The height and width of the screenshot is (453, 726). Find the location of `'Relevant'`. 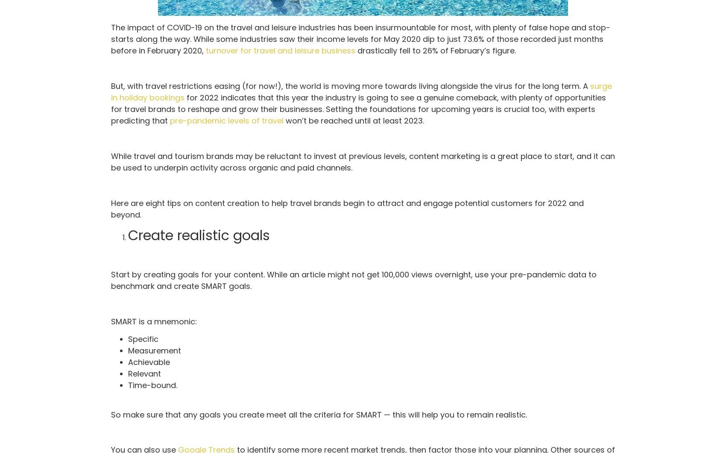

'Relevant' is located at coordinates (144, 374).